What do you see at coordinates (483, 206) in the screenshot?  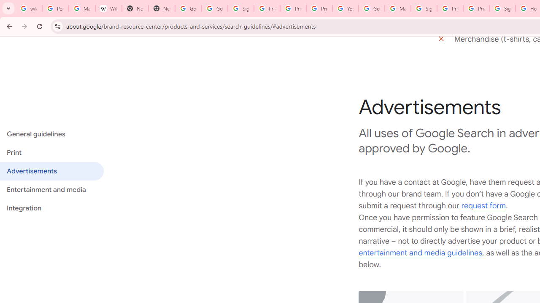 I see `'request form'` at bounding box center [483, 206].